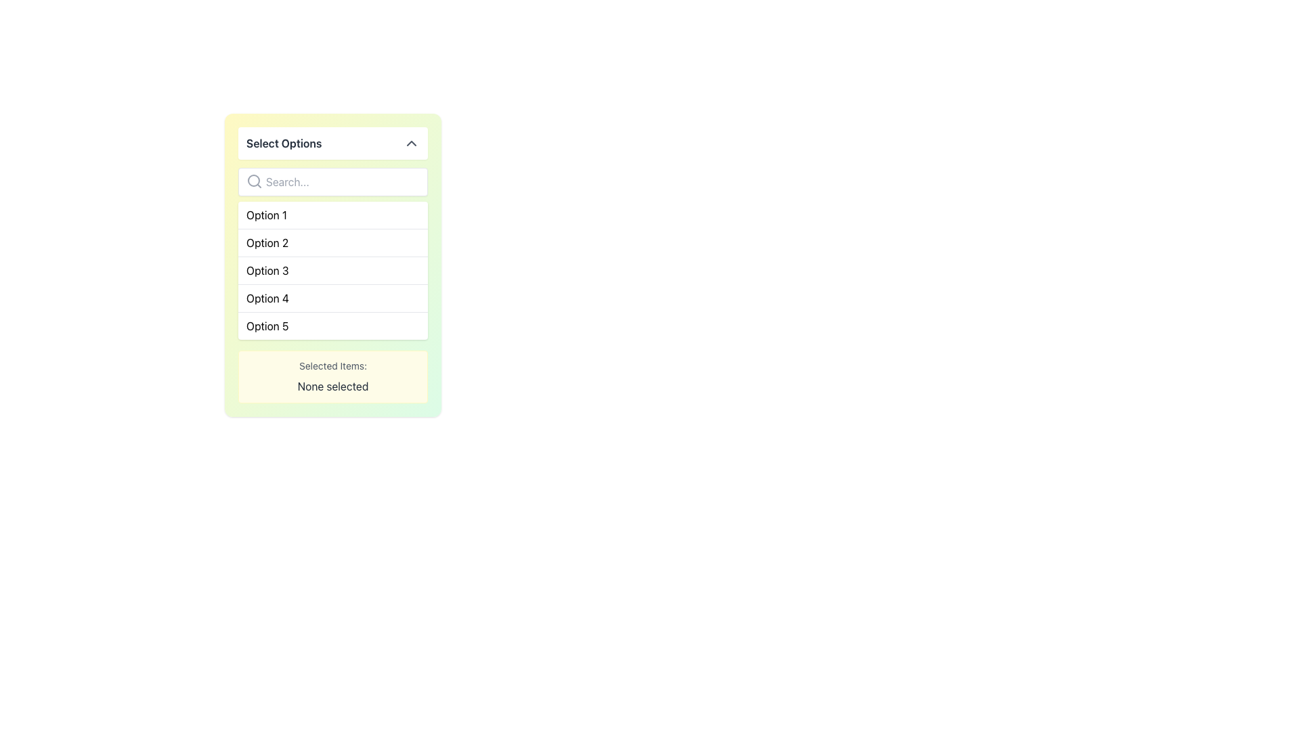  What do you see at coordinates (332, 181) in the screenshot?
I see `the search input field located below the 'Select Options' title bar` at bounding box center [332, 181].